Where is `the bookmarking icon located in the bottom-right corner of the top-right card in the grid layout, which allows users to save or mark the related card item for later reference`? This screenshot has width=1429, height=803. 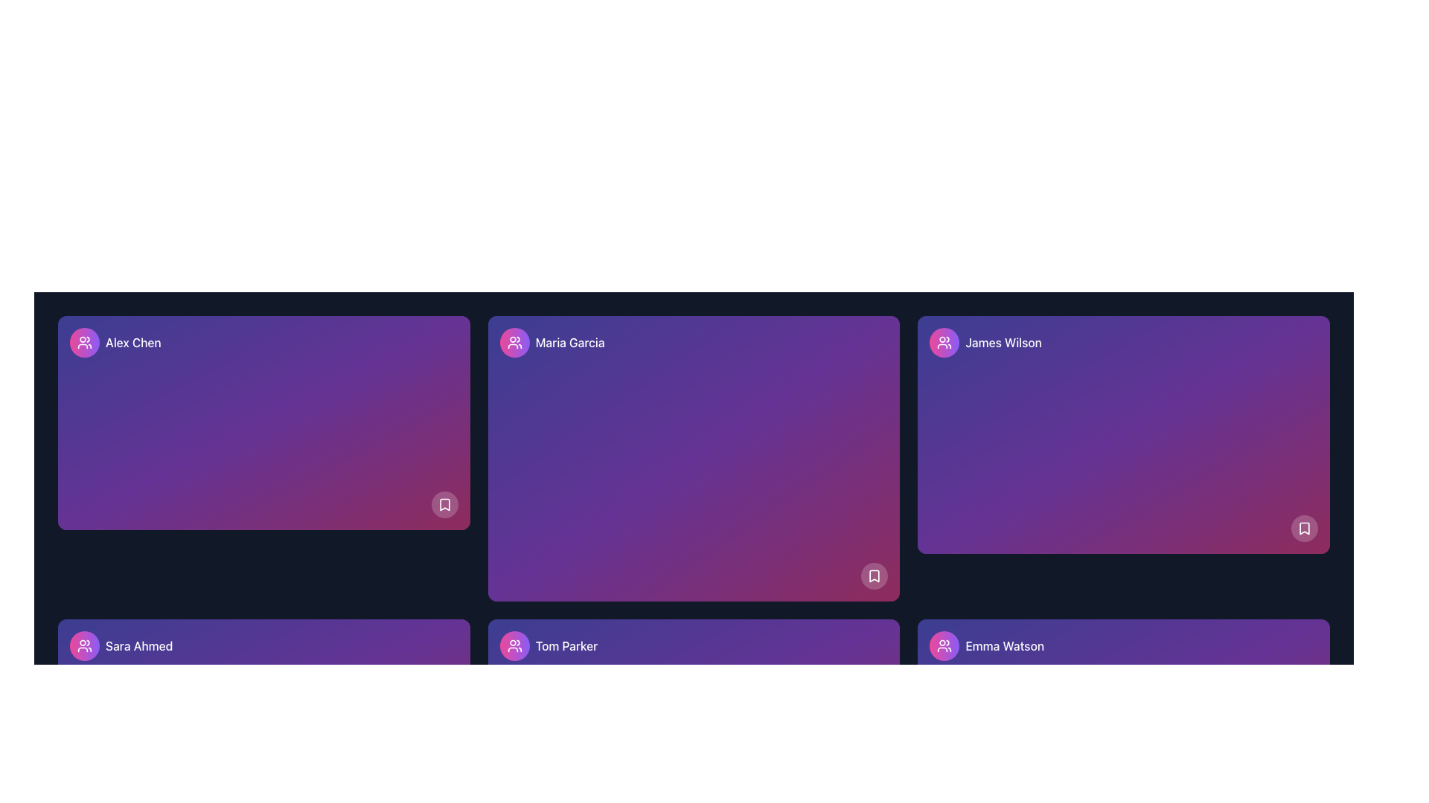 the bookmarking icon located in the bottom-right corner of the top-right card in the grid layout, which allows users to save or mark the related card item for later reference is located at coordinates (444, 503).